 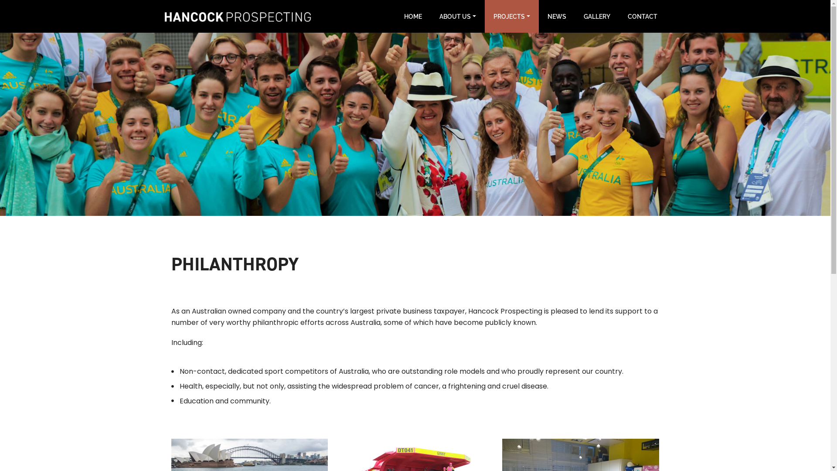 I want to click on 'NEWS', so click(x=556, y=16).